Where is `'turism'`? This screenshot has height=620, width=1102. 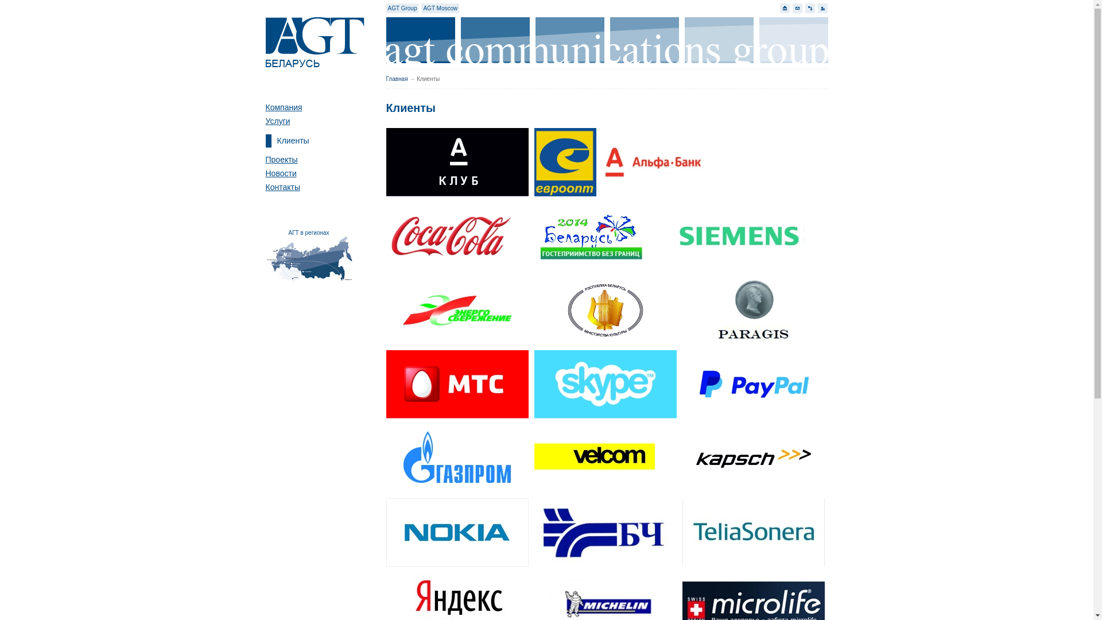
'turism' is located at coordinates (519, 235).